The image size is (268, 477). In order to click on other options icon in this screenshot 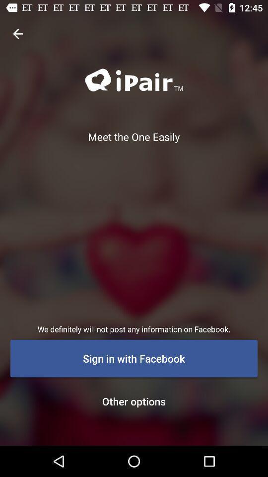, I will do `click(134, 401)`.